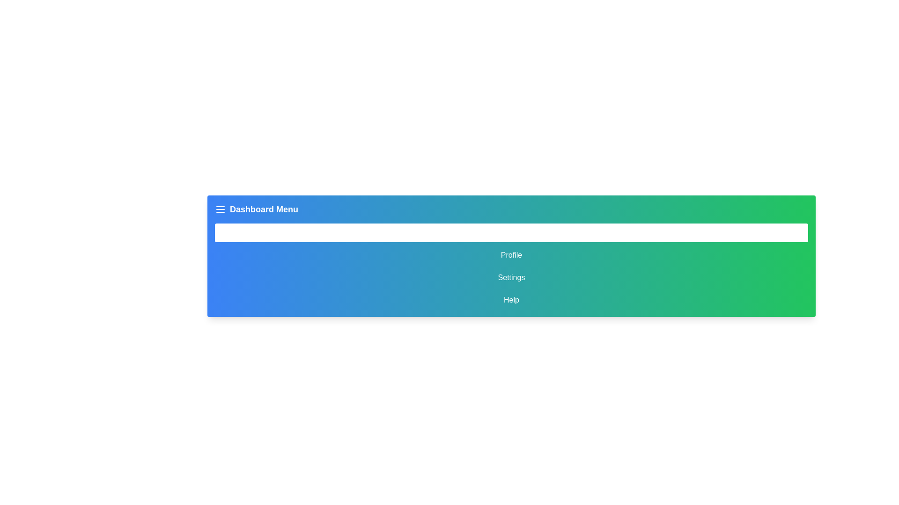  I want to click on the 'Profile' navigation button, which is the second button in a vertical list of four options, so click(511, 255).